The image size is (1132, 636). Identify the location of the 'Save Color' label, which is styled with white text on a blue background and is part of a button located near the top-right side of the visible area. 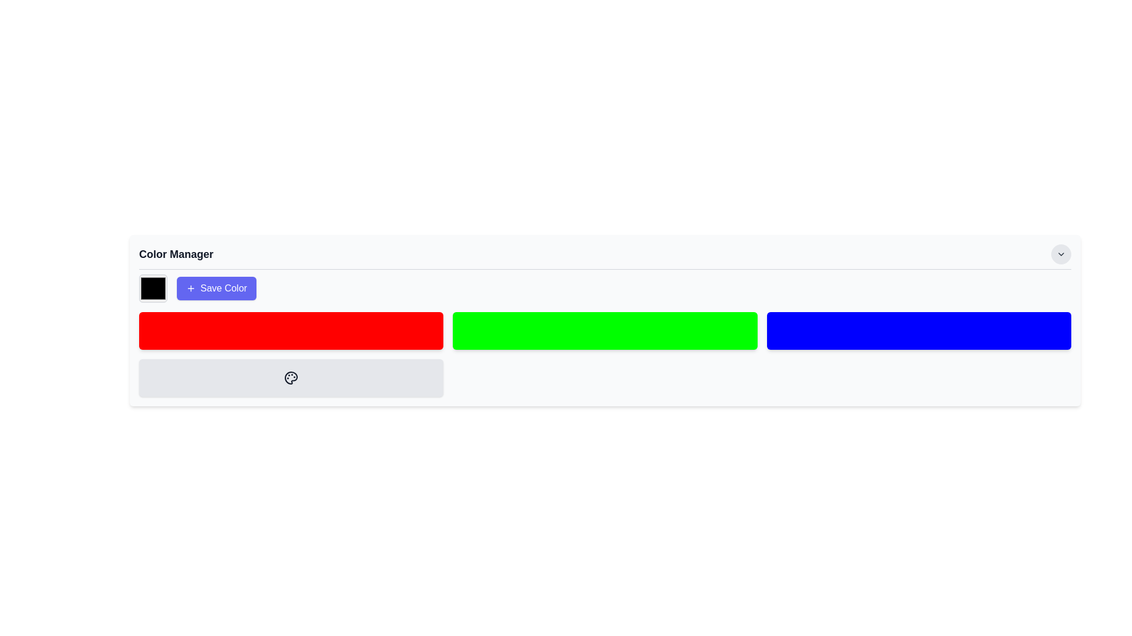
(223, 288).